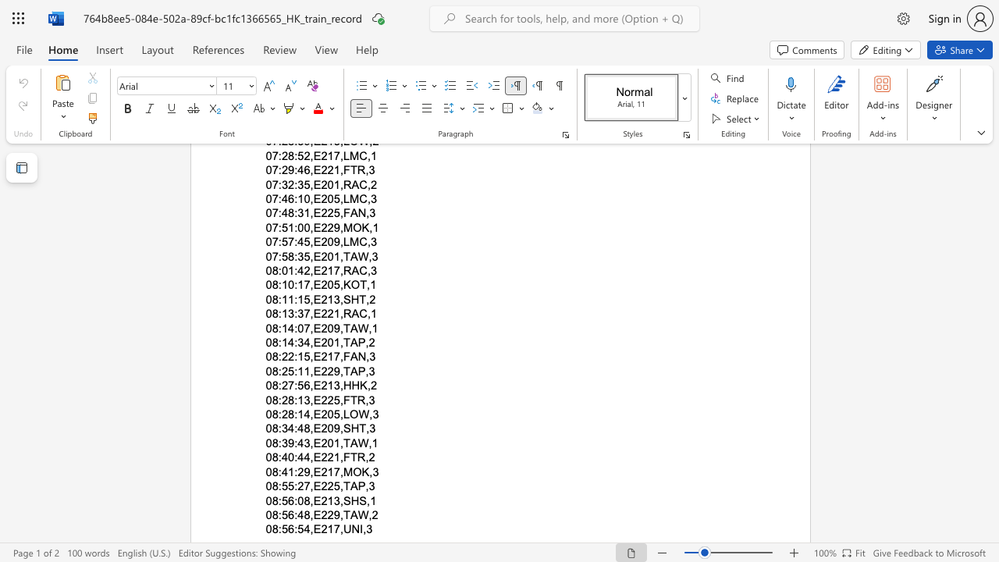 This screenshot has width=999, height=562. What do you see at coordinates (314, 514) in the screenshot?
I see `the space between the continuous character "," and "E" in the text` at bounding box center [314, 514].